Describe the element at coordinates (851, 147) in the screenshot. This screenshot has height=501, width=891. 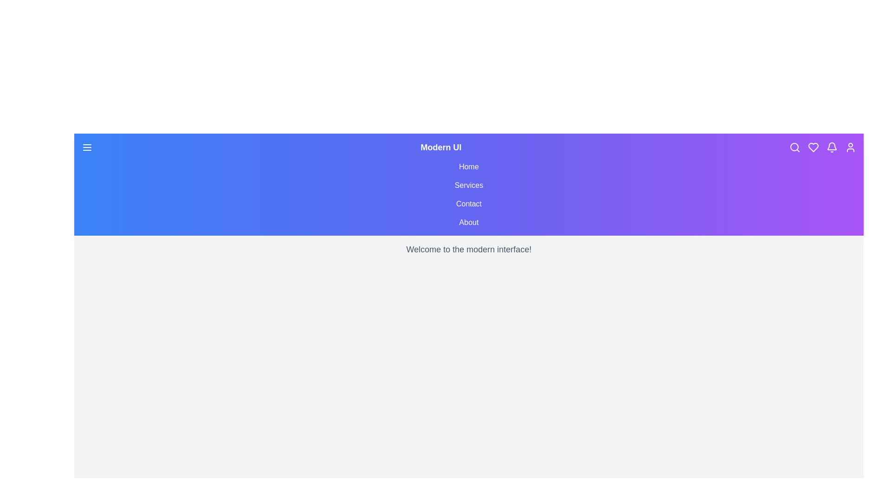
I see `the user icon to access profile or account-related actions` at that location.